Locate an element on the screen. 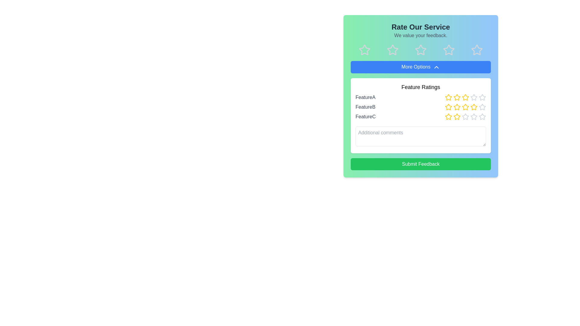 The height and width of the screenshot is (326, 580). the second star icon in the rating system for 'FeatureA' is located at coordinates (448, 97).